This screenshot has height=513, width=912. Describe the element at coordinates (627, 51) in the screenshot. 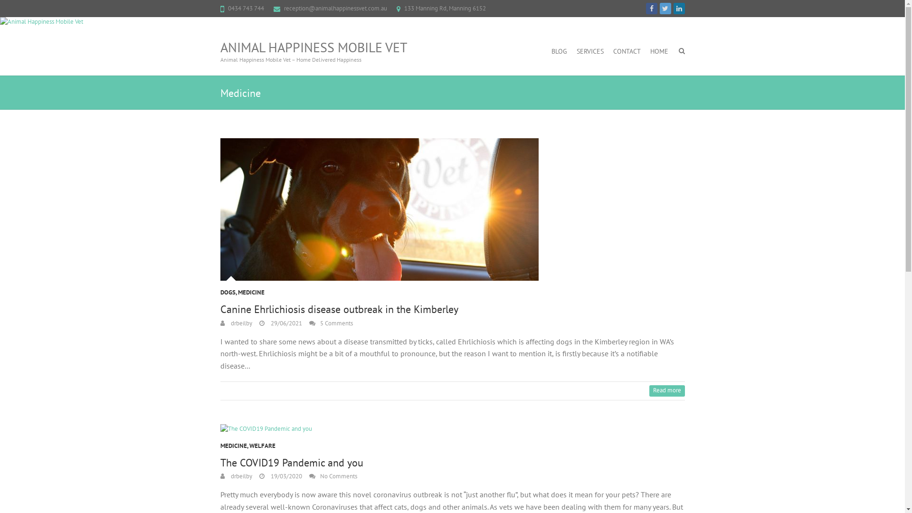

I see `'CONTACT'` at that location.